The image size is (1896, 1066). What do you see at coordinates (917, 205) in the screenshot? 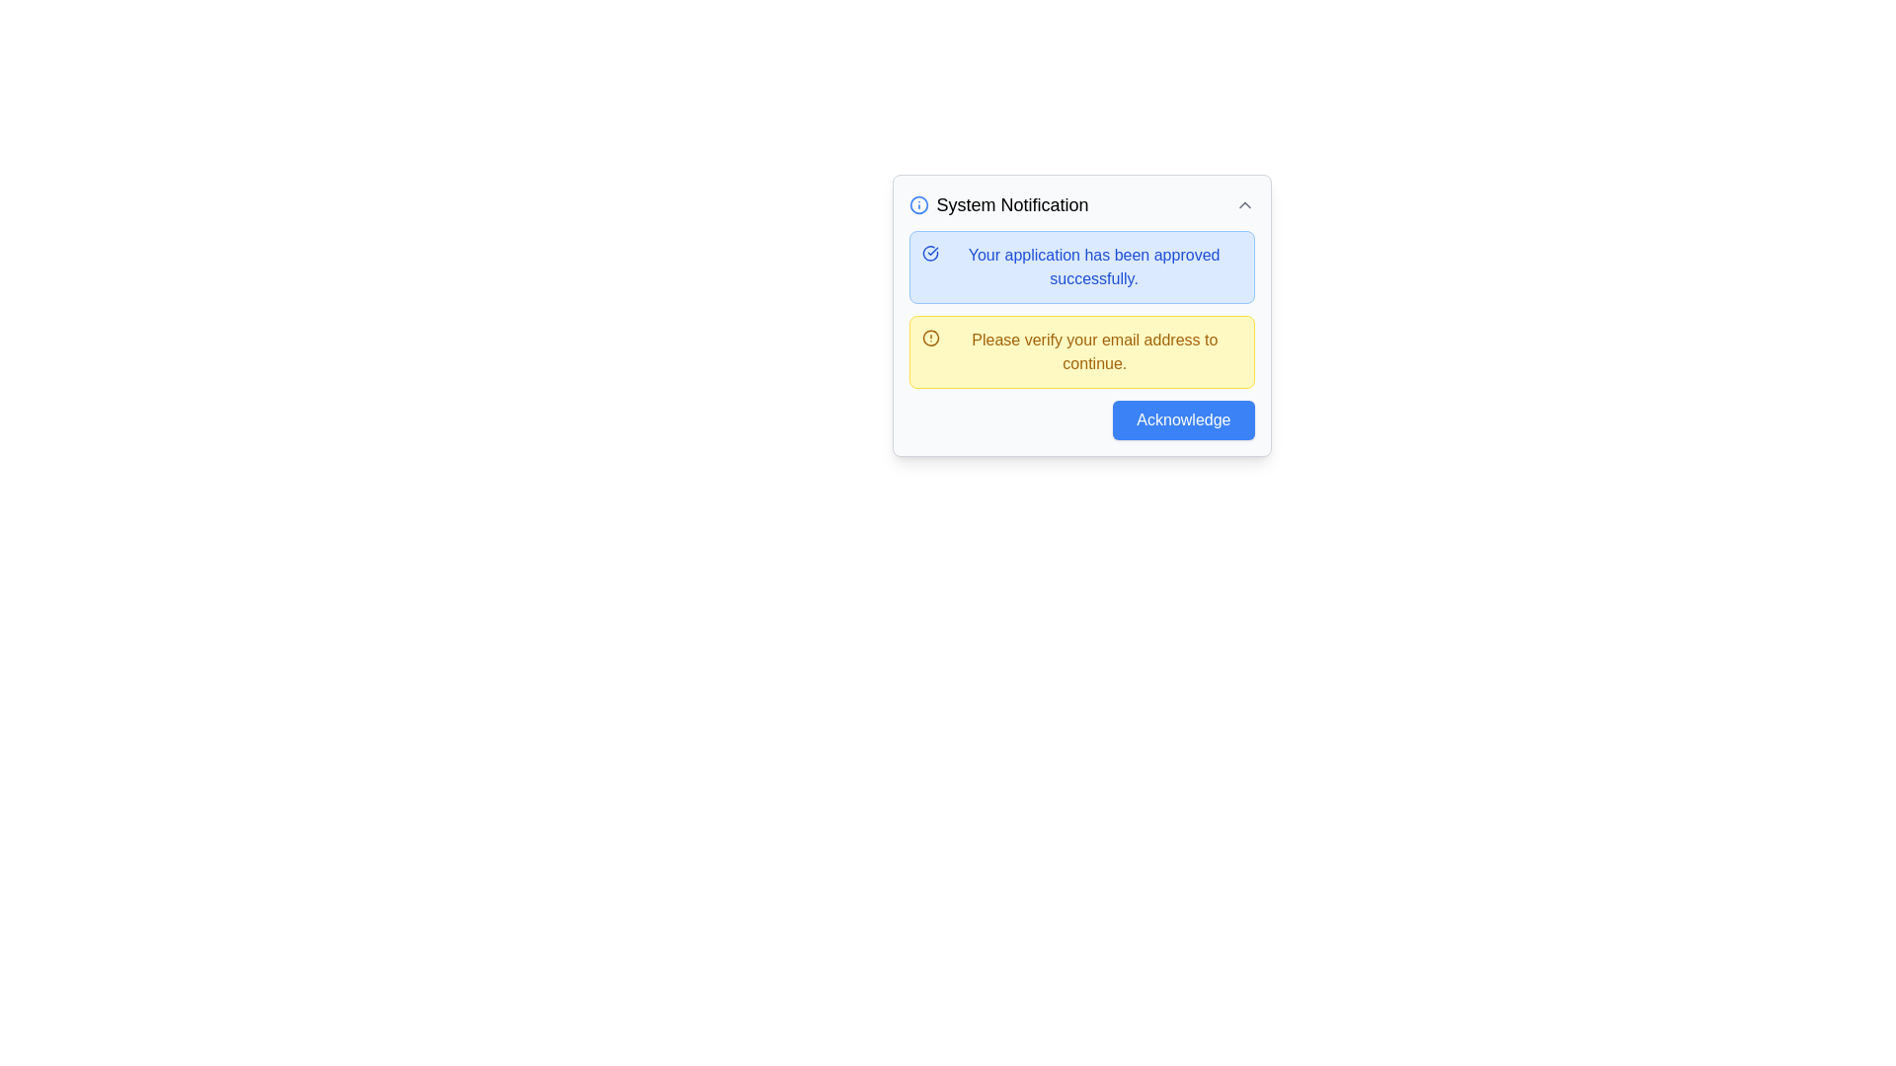
I see `the leftmost icon under the 'System Notification' panel` at bounding box center [917, 205].